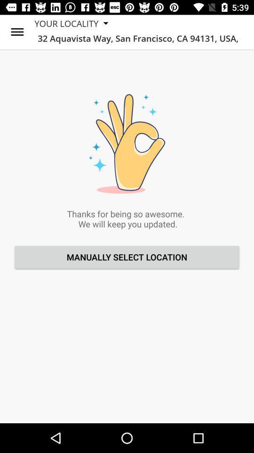 The image size is (254, 453). What do you see at coordinates (127, 257) in the screenshot?
I see `item below the thanks for being icon` at bounding box center [127, 257].